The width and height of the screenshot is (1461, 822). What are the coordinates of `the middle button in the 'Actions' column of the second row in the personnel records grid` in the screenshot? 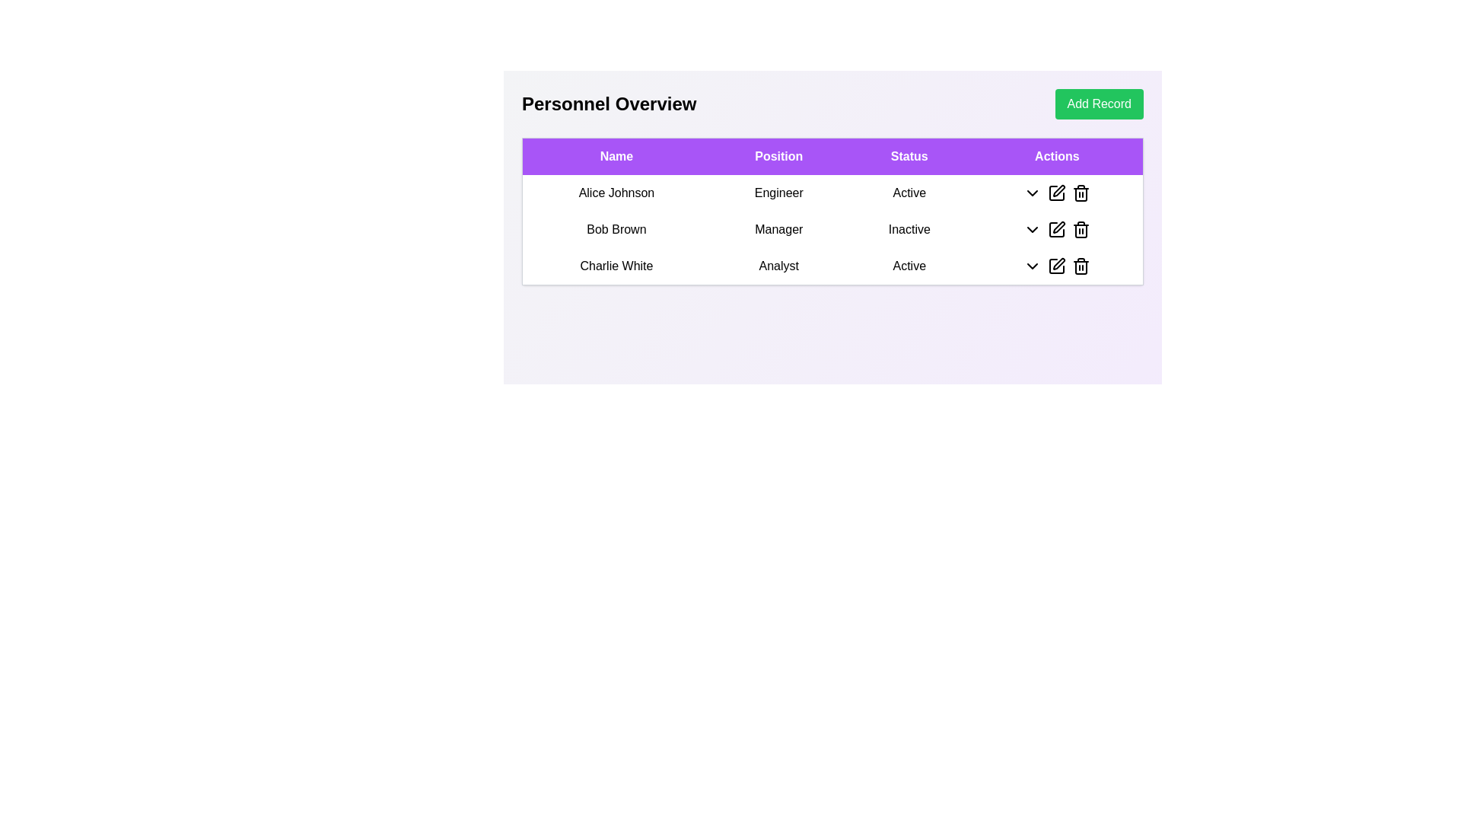 It's located at (1056, 229).